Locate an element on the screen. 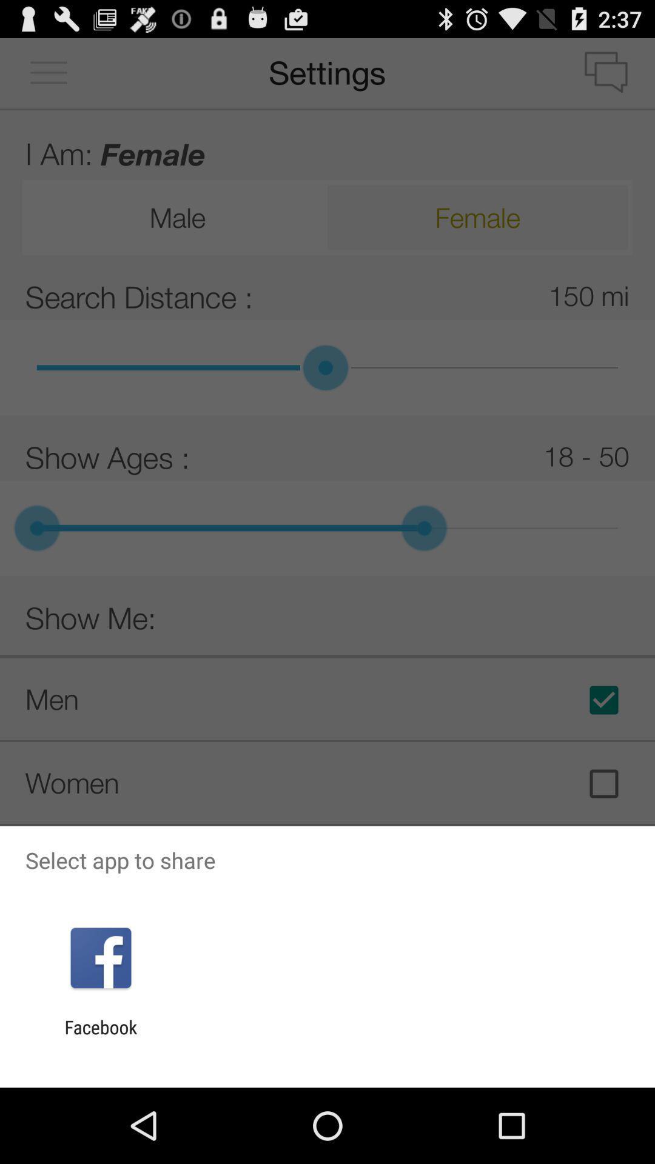  icon above facebook item is located at coordinates (100, 957).